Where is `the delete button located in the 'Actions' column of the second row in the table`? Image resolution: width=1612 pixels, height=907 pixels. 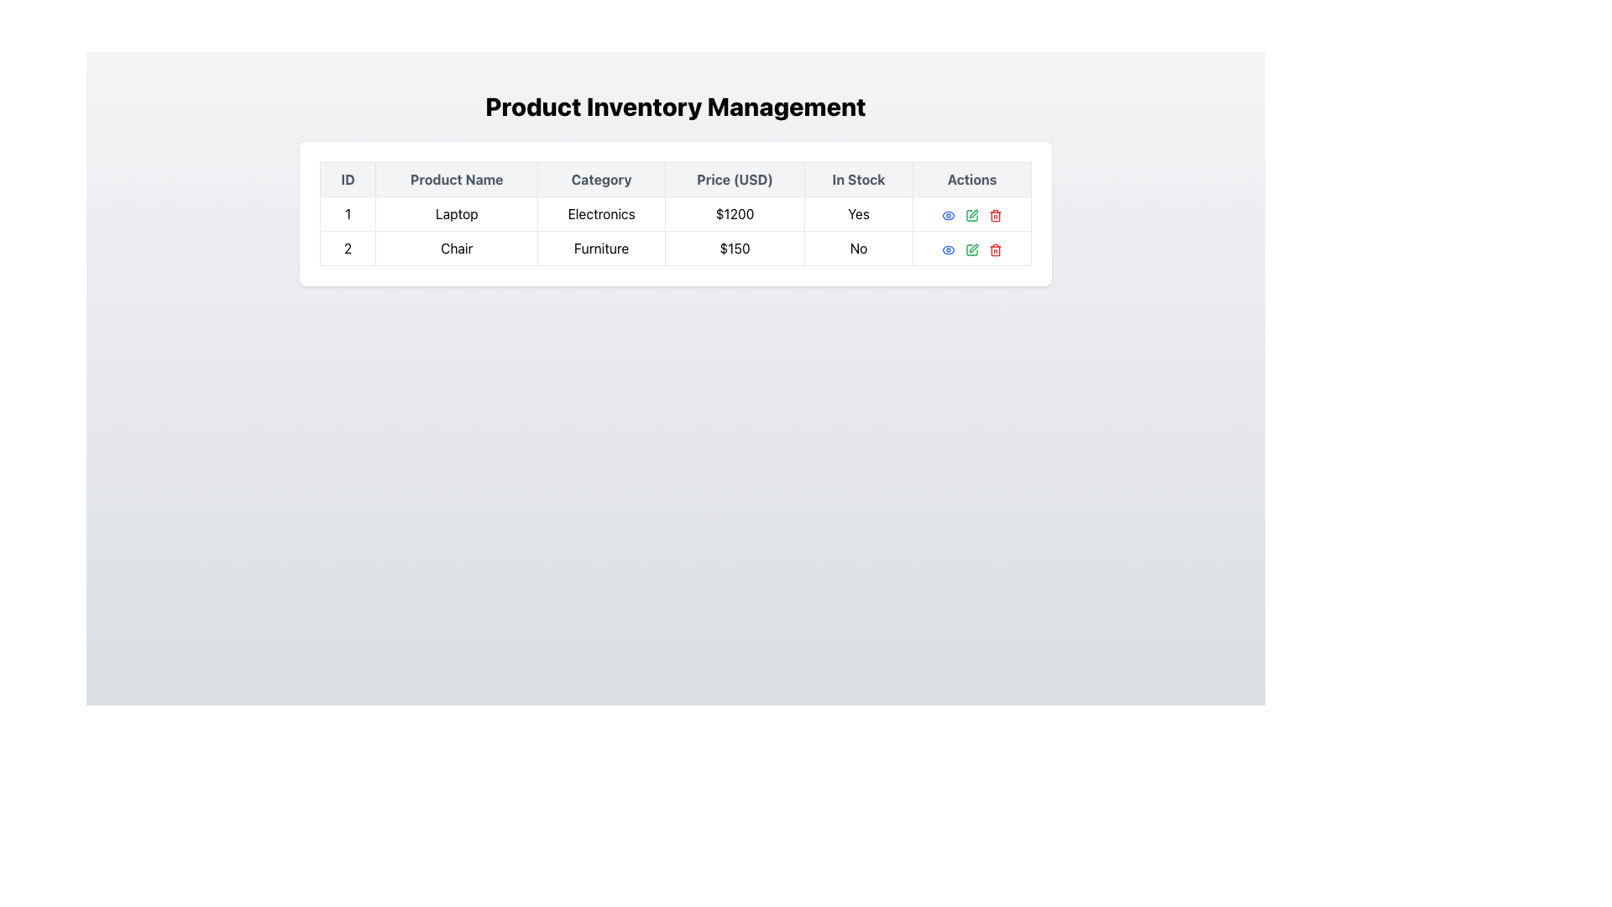
the delete button located in the 'Actions' column of the second row in the table is located at coordinates (995, 249).